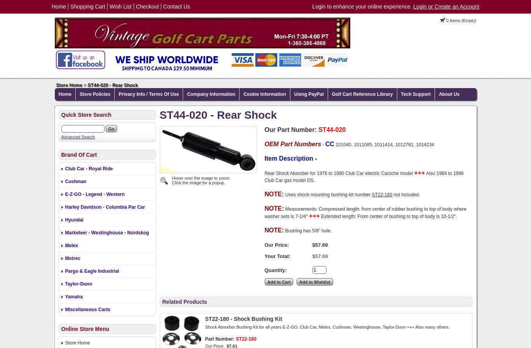 This screenshot has width=531, height=348. What do you see at coordinates (322, 144) in the screenshot?
I see `'-'` at bounding box center [322, 144].